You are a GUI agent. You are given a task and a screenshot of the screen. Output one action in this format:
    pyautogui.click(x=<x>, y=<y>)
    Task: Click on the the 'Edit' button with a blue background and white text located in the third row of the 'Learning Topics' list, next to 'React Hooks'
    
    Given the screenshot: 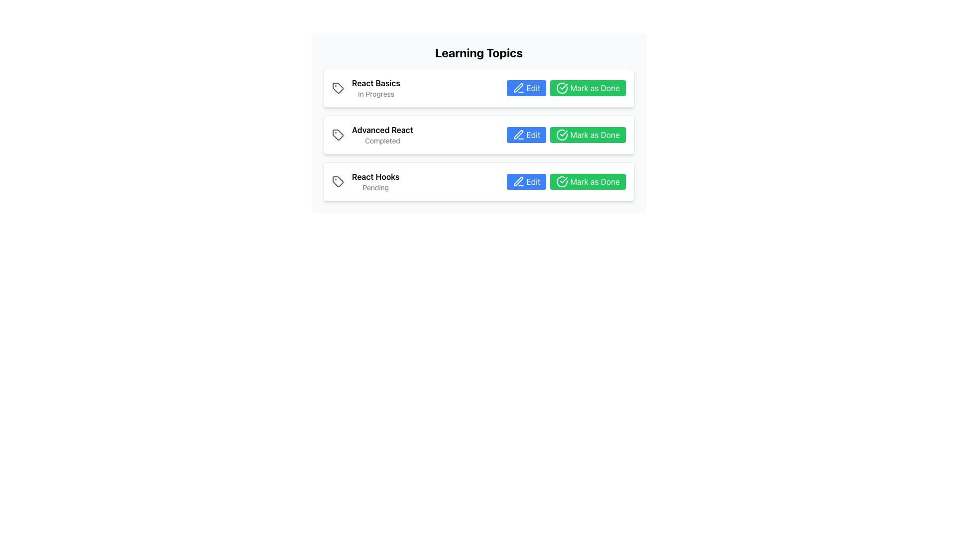 What is the action you would take?
    pyautogui.click(x=526, y=182)
    